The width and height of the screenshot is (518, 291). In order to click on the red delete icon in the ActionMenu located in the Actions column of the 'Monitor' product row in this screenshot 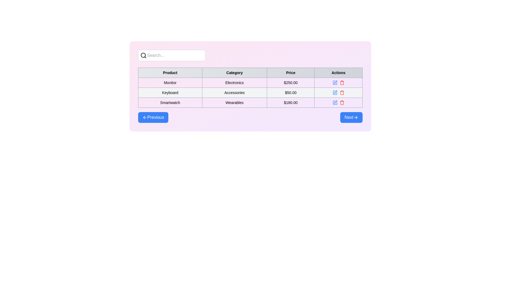, I will do `click(338, 83)`.